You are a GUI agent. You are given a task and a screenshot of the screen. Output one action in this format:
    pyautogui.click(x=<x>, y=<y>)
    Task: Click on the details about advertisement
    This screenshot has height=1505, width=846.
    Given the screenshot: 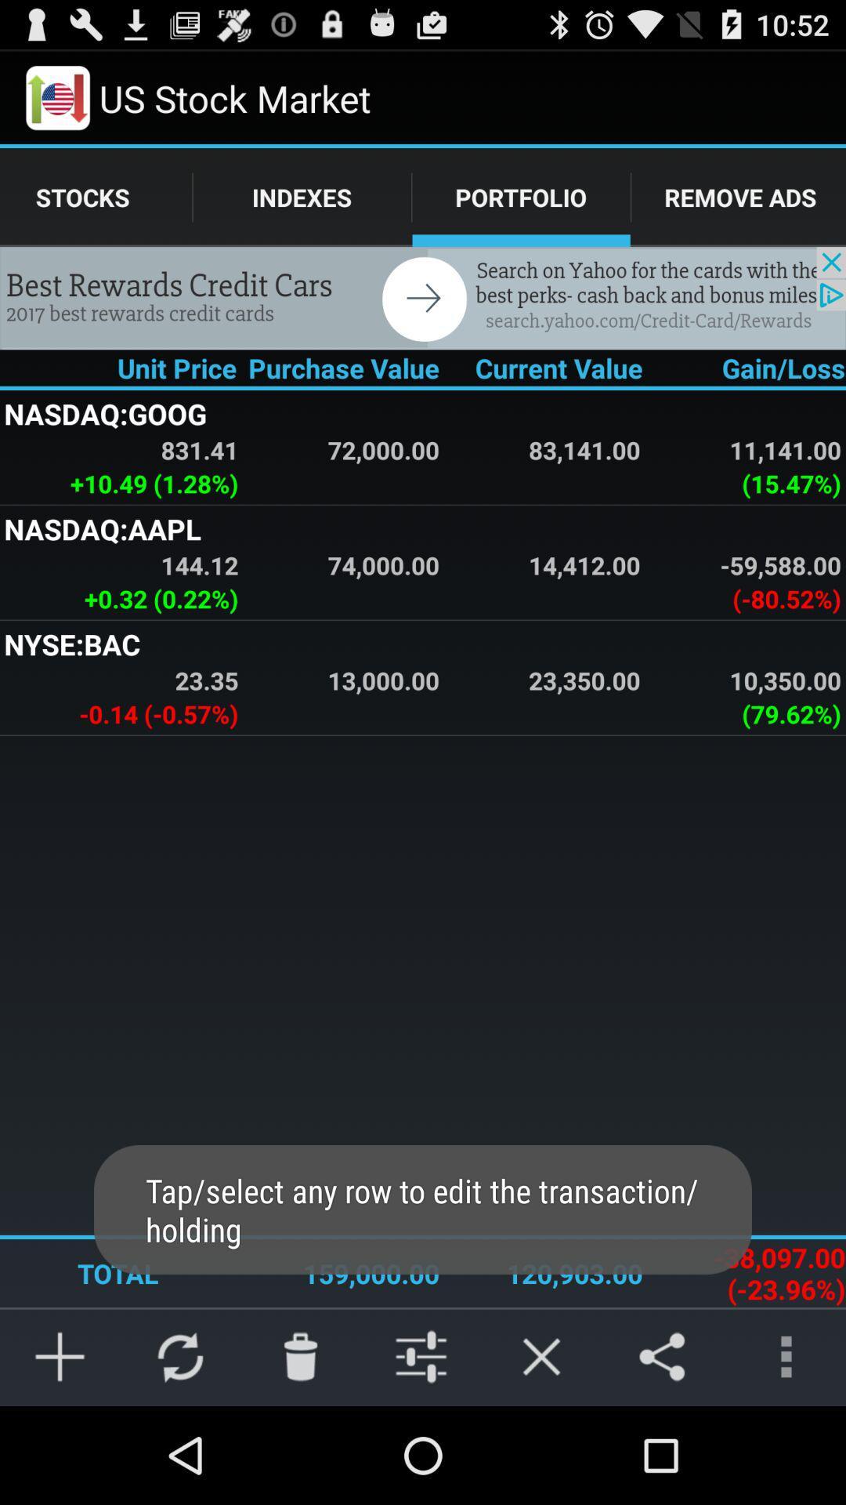 What is the action you would take?
    pyautogui.click(x=423, y=298)
    